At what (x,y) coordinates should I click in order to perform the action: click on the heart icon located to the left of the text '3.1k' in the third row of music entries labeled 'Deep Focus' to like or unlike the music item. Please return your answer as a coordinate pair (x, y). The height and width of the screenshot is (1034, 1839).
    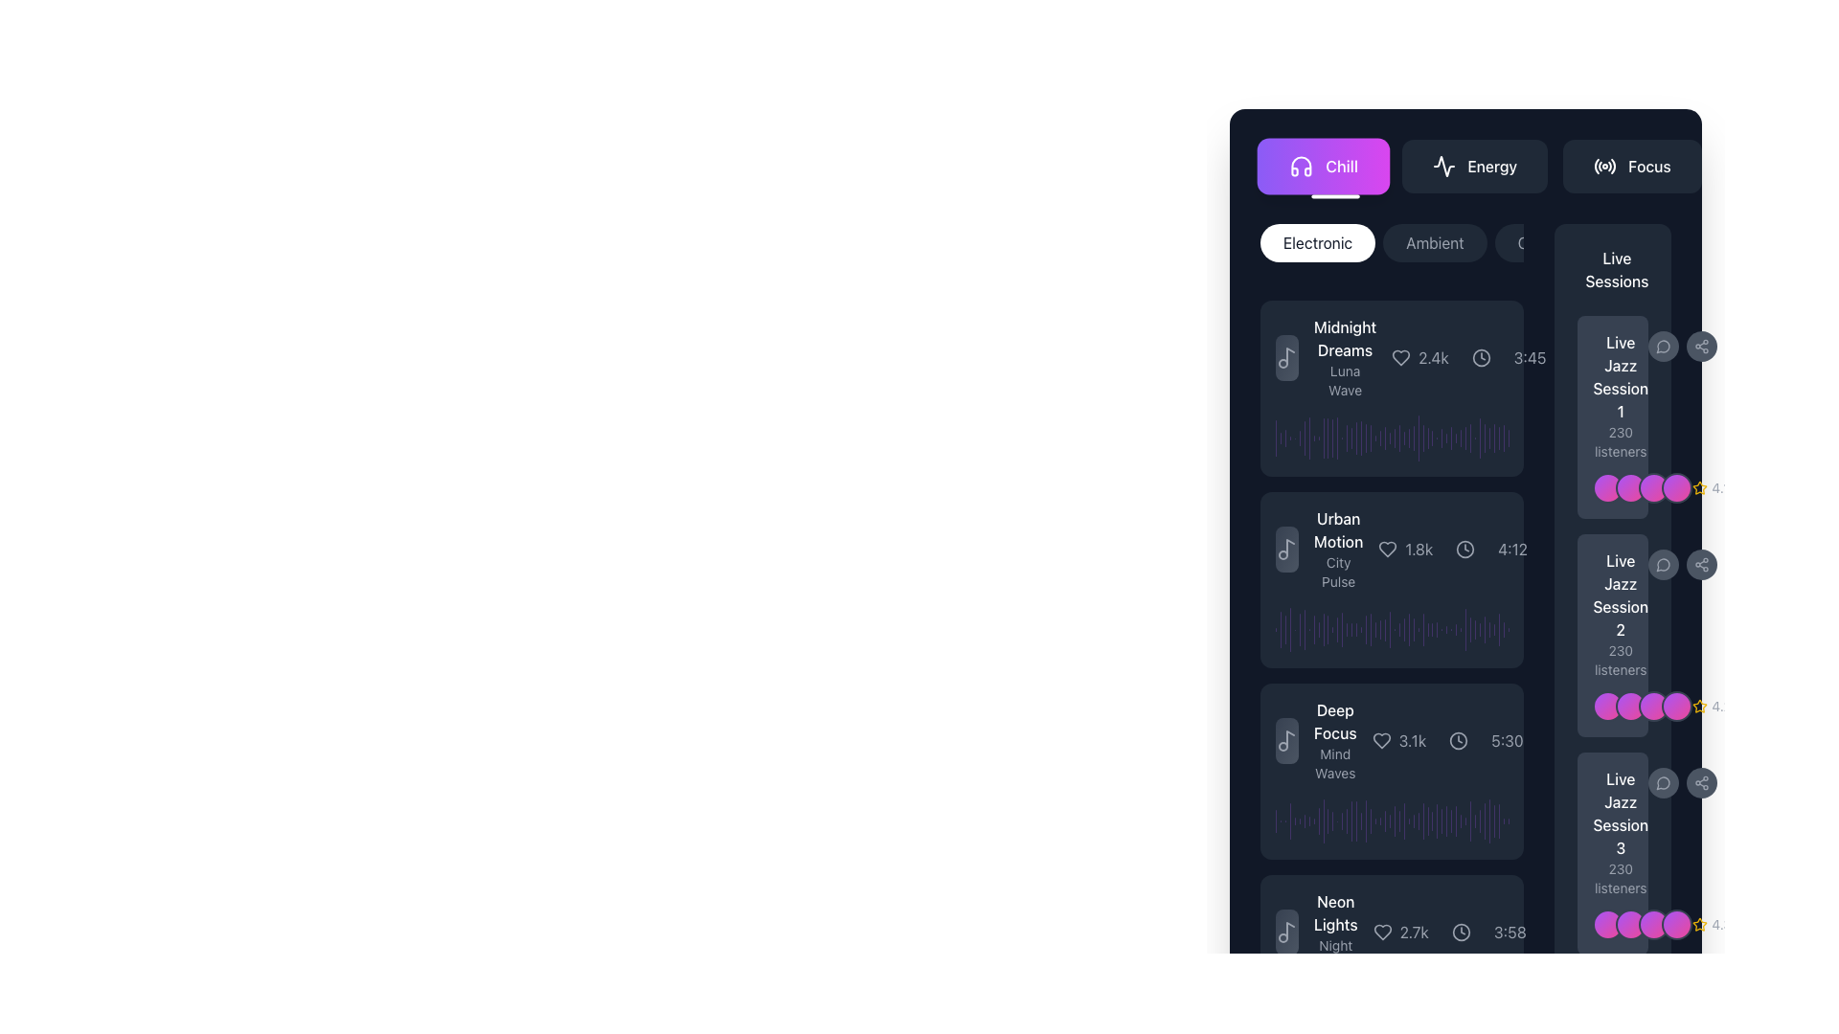
    Looking at the image, I should click on (1381, 740).